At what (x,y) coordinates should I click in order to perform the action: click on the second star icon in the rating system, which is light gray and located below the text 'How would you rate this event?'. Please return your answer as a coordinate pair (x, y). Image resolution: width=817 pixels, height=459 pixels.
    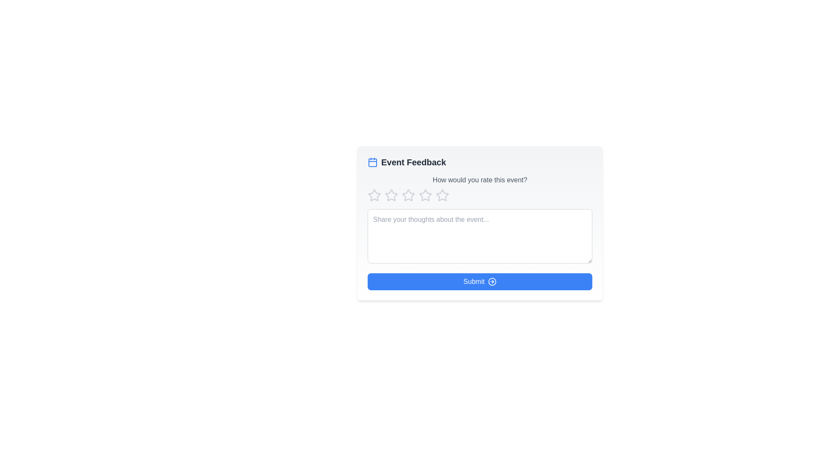
    Looking at the image, I should click on (425, 195).